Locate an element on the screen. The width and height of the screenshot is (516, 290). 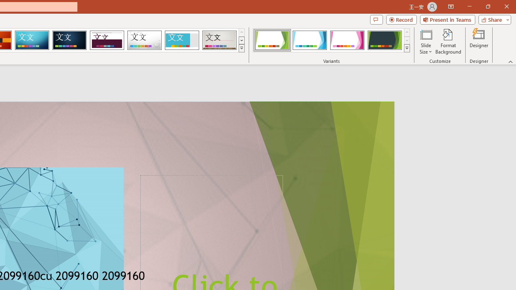
'Droplet Loading Preview...' is located at coordinates (144, 40).